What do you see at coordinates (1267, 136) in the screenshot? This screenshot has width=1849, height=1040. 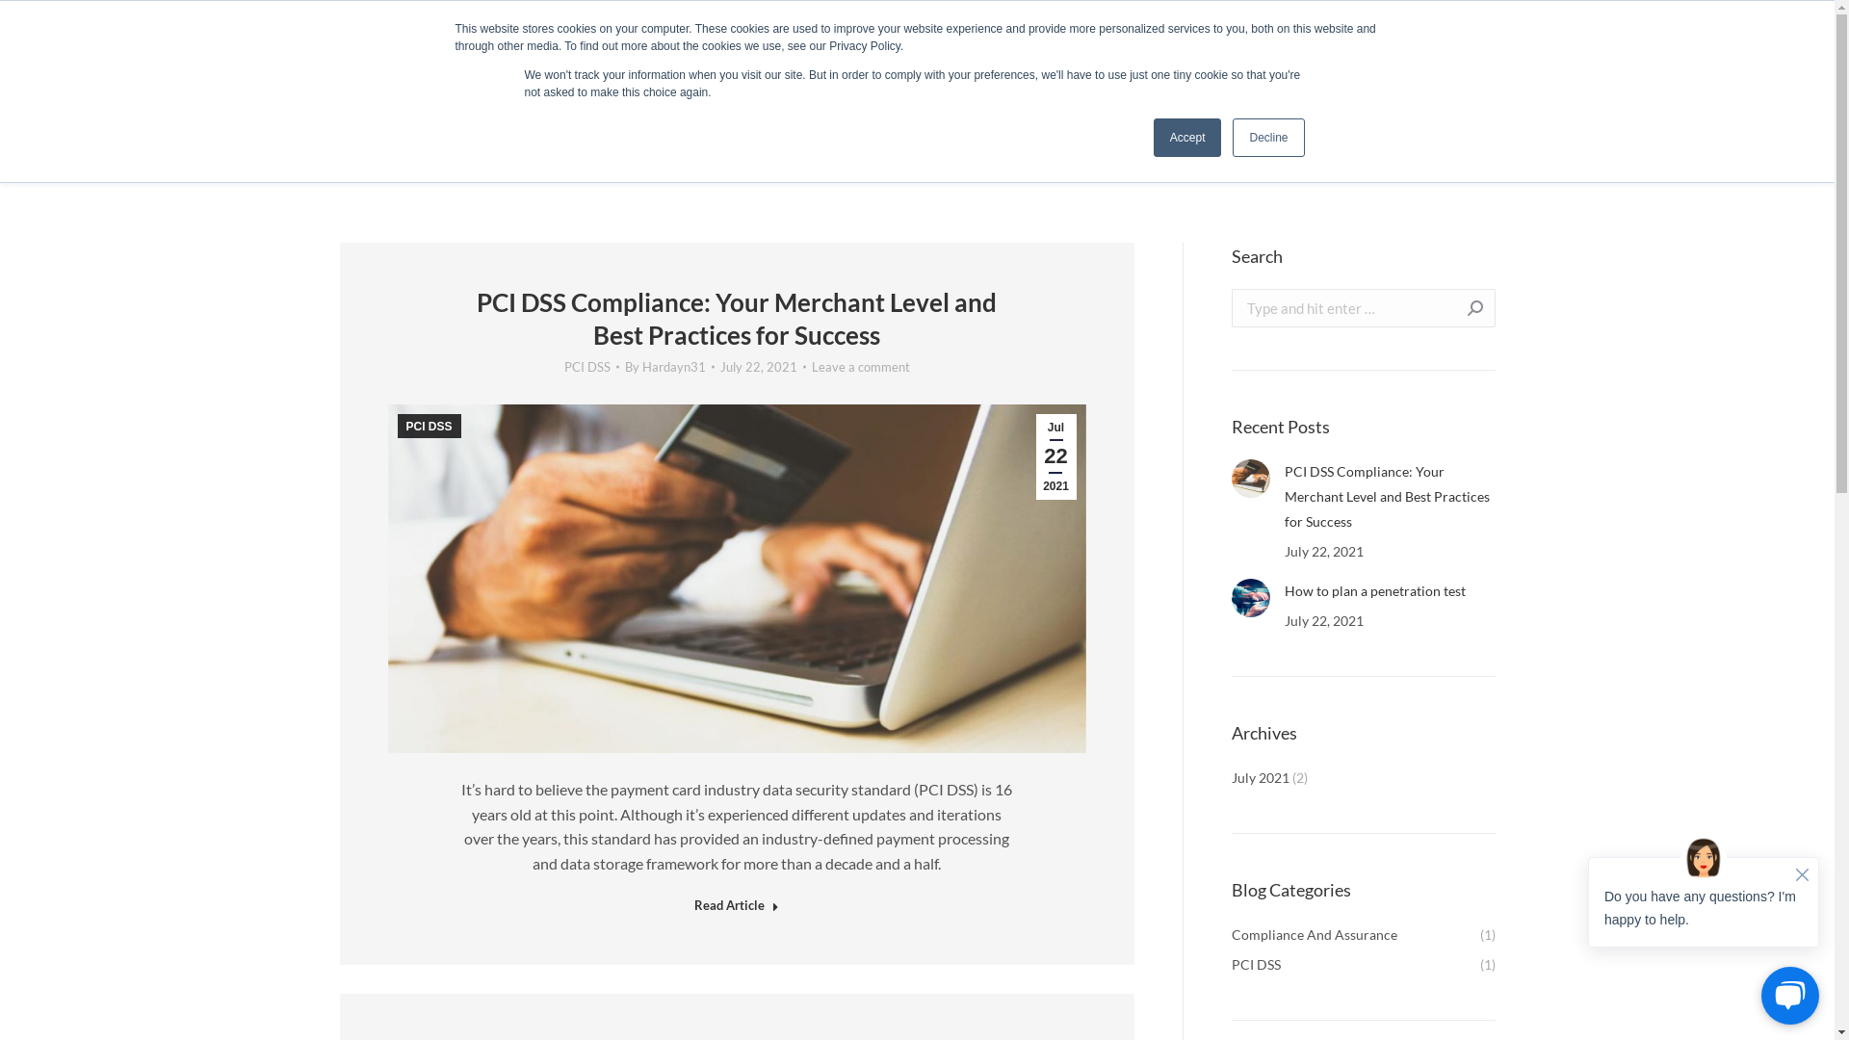 I see `'Decline'` at bounding box center [1267, 136].